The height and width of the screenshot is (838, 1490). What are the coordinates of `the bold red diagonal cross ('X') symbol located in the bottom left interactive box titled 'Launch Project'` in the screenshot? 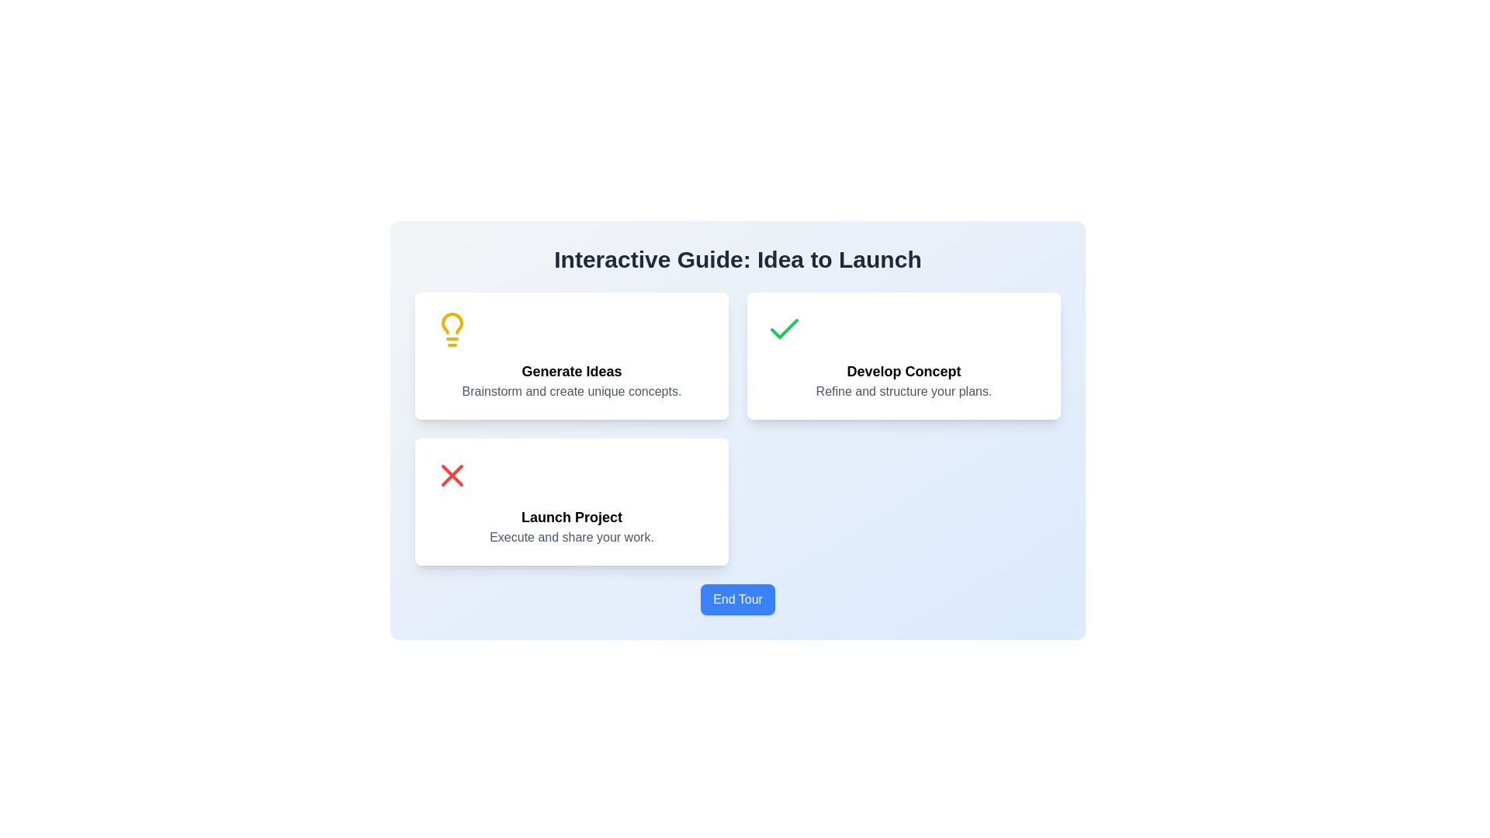 It's located at (451, 475).